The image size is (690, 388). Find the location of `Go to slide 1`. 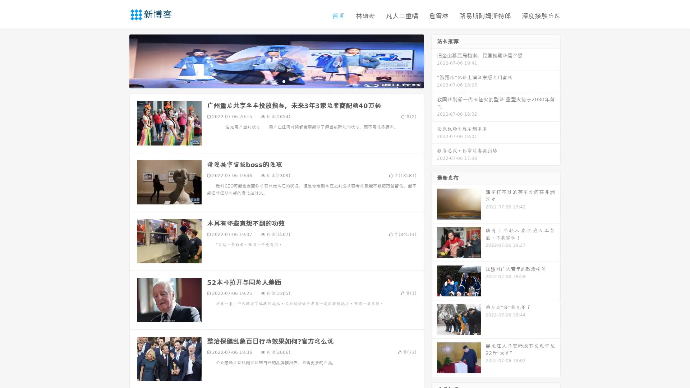

Go to slide 1 is located at coordinates (269, 81).